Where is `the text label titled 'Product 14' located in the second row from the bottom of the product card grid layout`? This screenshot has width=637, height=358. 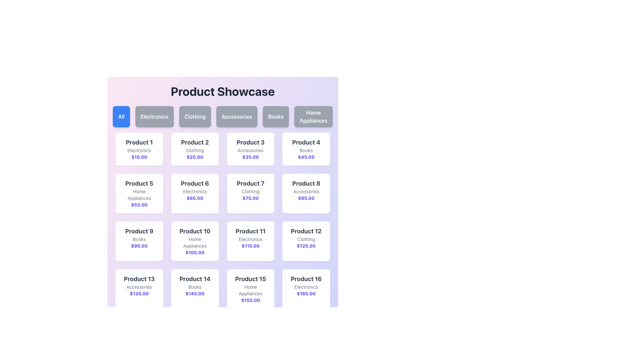
the text label titled 'Product 14' located in the second row from the bottom of the product card grid layout is located at coordinates (194, 279).